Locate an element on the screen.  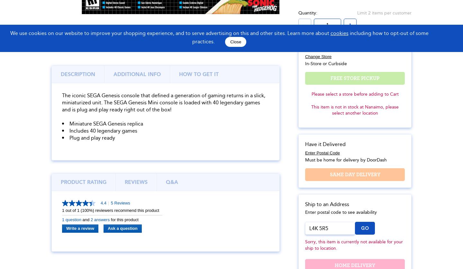
'Plug and play ready' is located at coordinates (92, 137).